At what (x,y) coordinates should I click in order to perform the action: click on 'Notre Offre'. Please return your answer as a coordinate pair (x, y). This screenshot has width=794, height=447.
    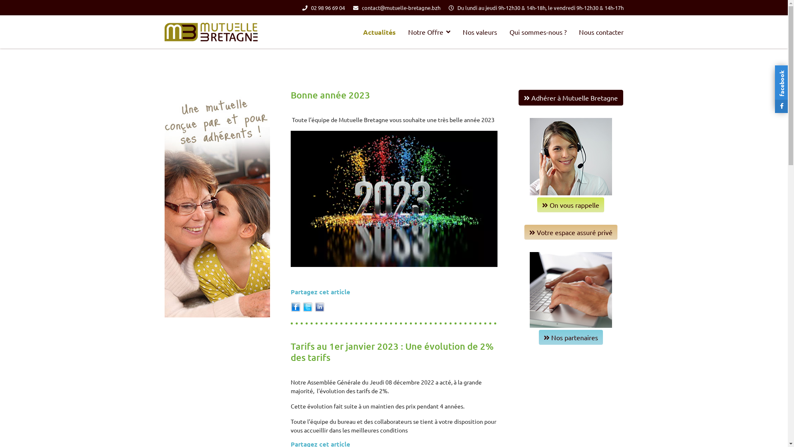
    Looking at the image, I should click on (429, 31).